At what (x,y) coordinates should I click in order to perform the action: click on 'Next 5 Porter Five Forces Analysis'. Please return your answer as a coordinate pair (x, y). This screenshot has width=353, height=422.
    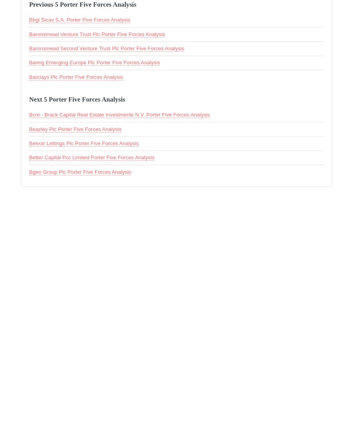
    Looking at the image, I should click on (77, 99).